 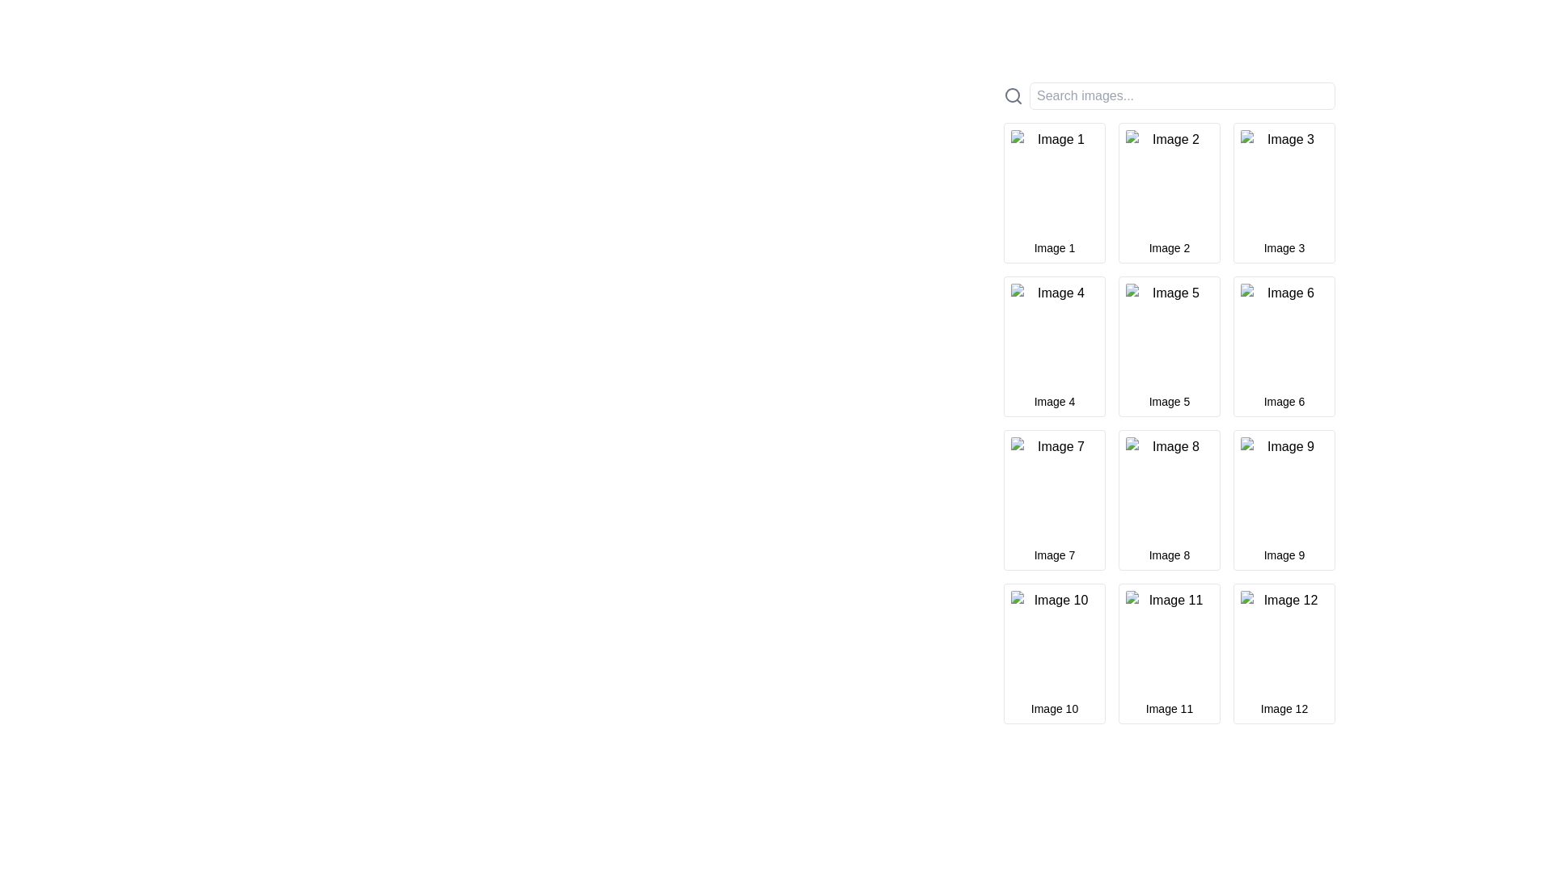 What do you see at coordinates (1284, 488) in the screenshot?
I see `the image displayed in the third row and third column of the gallery grid by moving the cursor to its center point` at bounding box center [1284, 488].